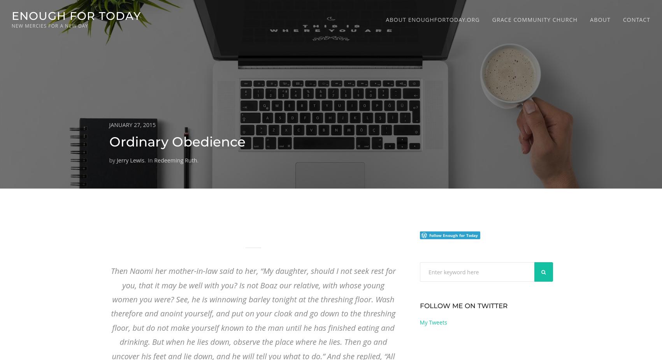 The width and height of the screenshot is (662, 360). I want to click on 'new mercies for a new day', so click(49, 26).